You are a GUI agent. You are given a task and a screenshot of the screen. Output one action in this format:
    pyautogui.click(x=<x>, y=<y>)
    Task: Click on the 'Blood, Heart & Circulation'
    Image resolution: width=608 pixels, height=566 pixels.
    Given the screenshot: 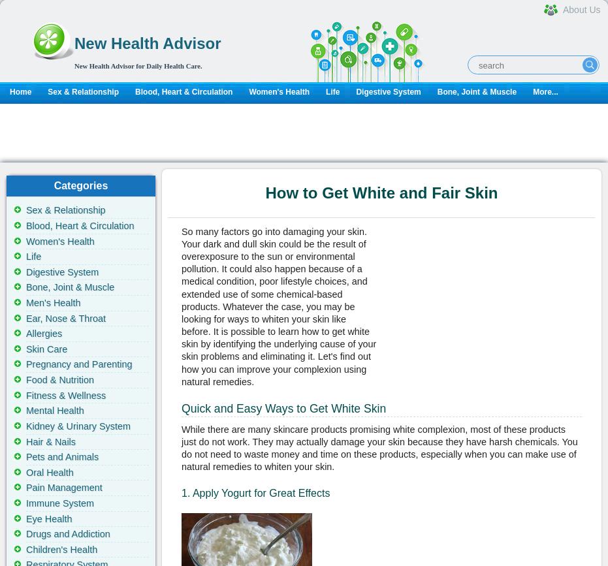 What is the action you would take?
    pyautogui.click(x=25, y=226)
    